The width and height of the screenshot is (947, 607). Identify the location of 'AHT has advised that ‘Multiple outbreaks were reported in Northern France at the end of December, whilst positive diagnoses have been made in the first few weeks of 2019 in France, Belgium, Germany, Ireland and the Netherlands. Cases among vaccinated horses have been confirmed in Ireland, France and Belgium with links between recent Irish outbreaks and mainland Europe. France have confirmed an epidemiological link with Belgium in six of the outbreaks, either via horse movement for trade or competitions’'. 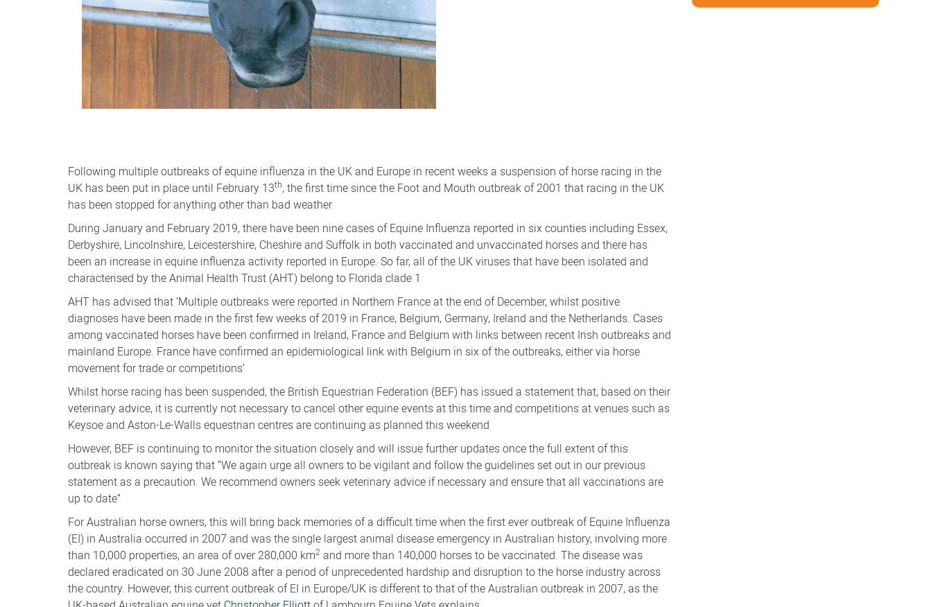
(370, 333).